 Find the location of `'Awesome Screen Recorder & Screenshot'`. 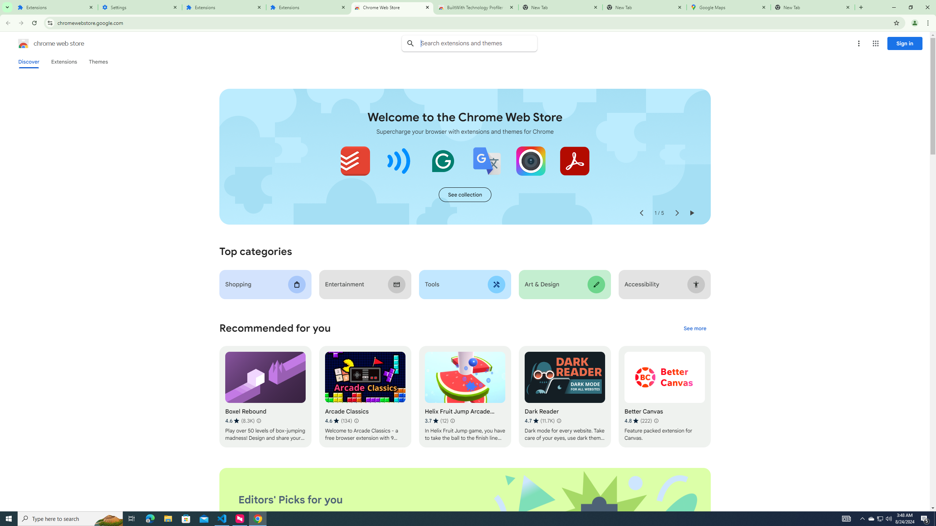

'Awesome Screen Recorder & Screenshot' is located at coordinates (531, 161).